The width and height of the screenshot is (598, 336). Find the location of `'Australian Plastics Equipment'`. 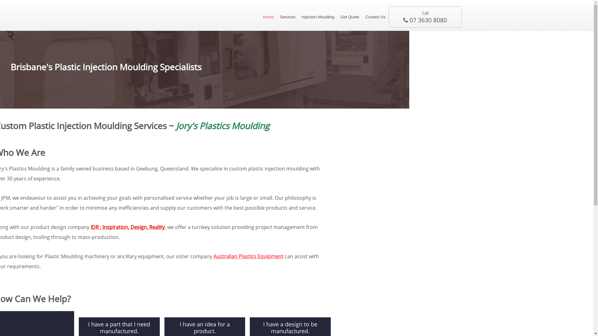

'Australian Plastics Equipment' is located at coordinates (213, 256).